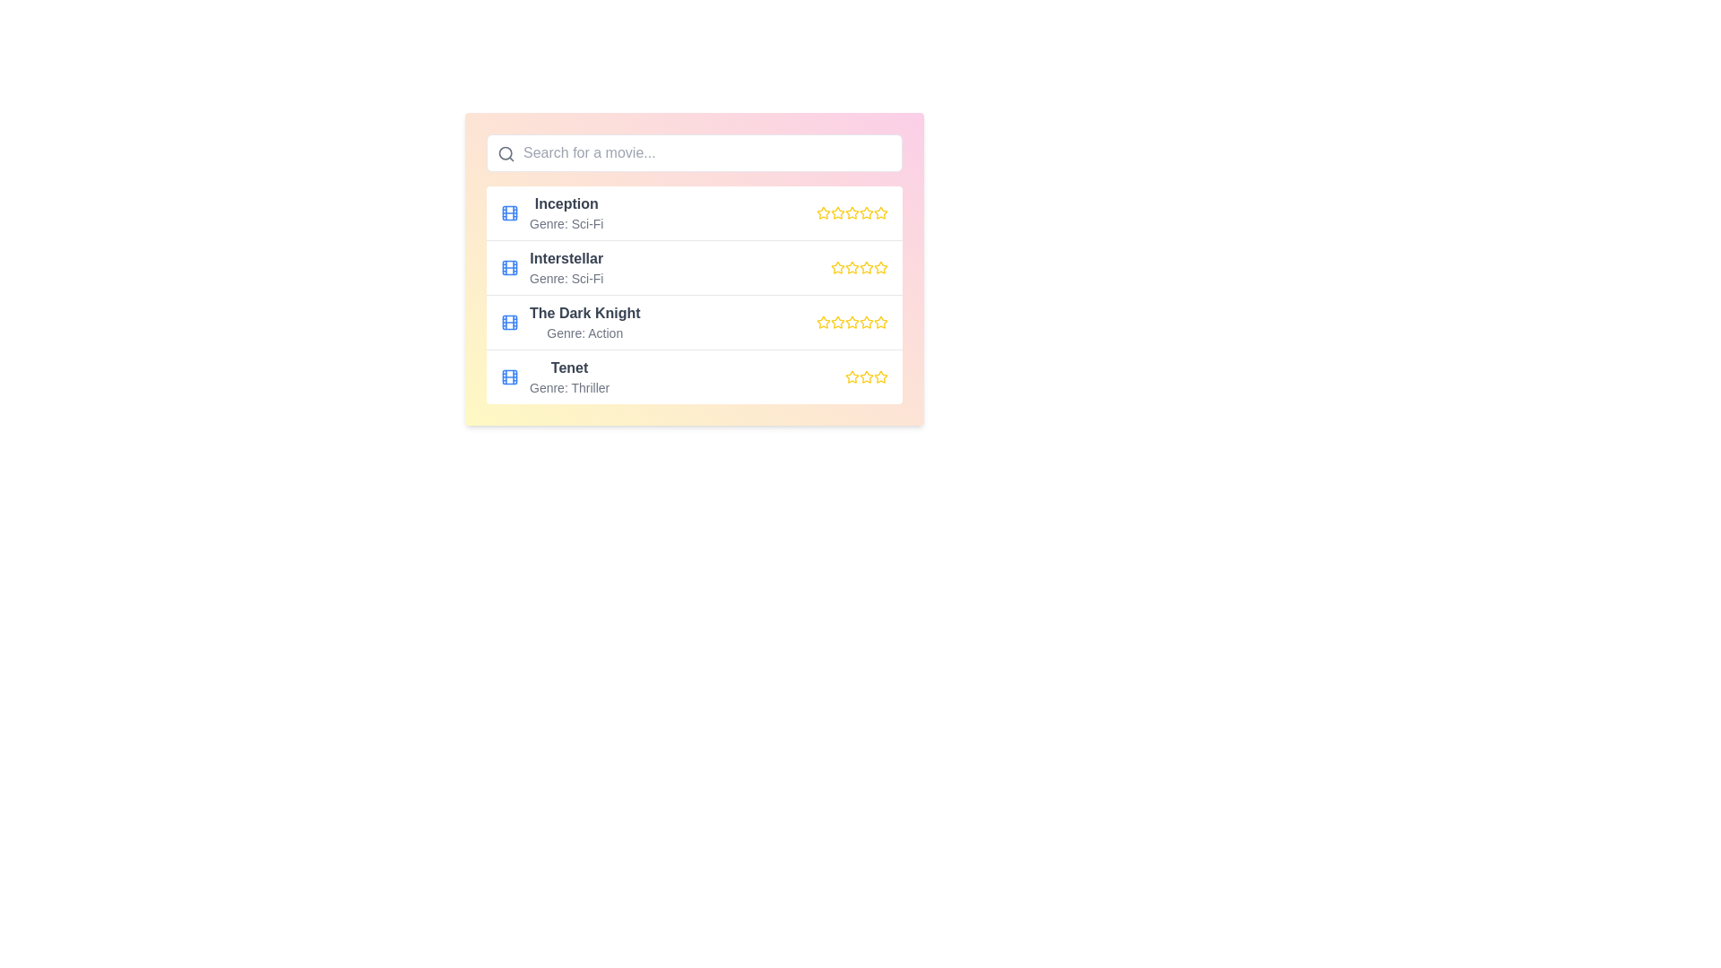  What do you see at coordinates (693, 376) in the screenshot?
I see `the movie entry list item that contains its title, genre, and rating actions, located as the fourth row in the list below 'The Dark Knight'` at bounding box center [693, 376].